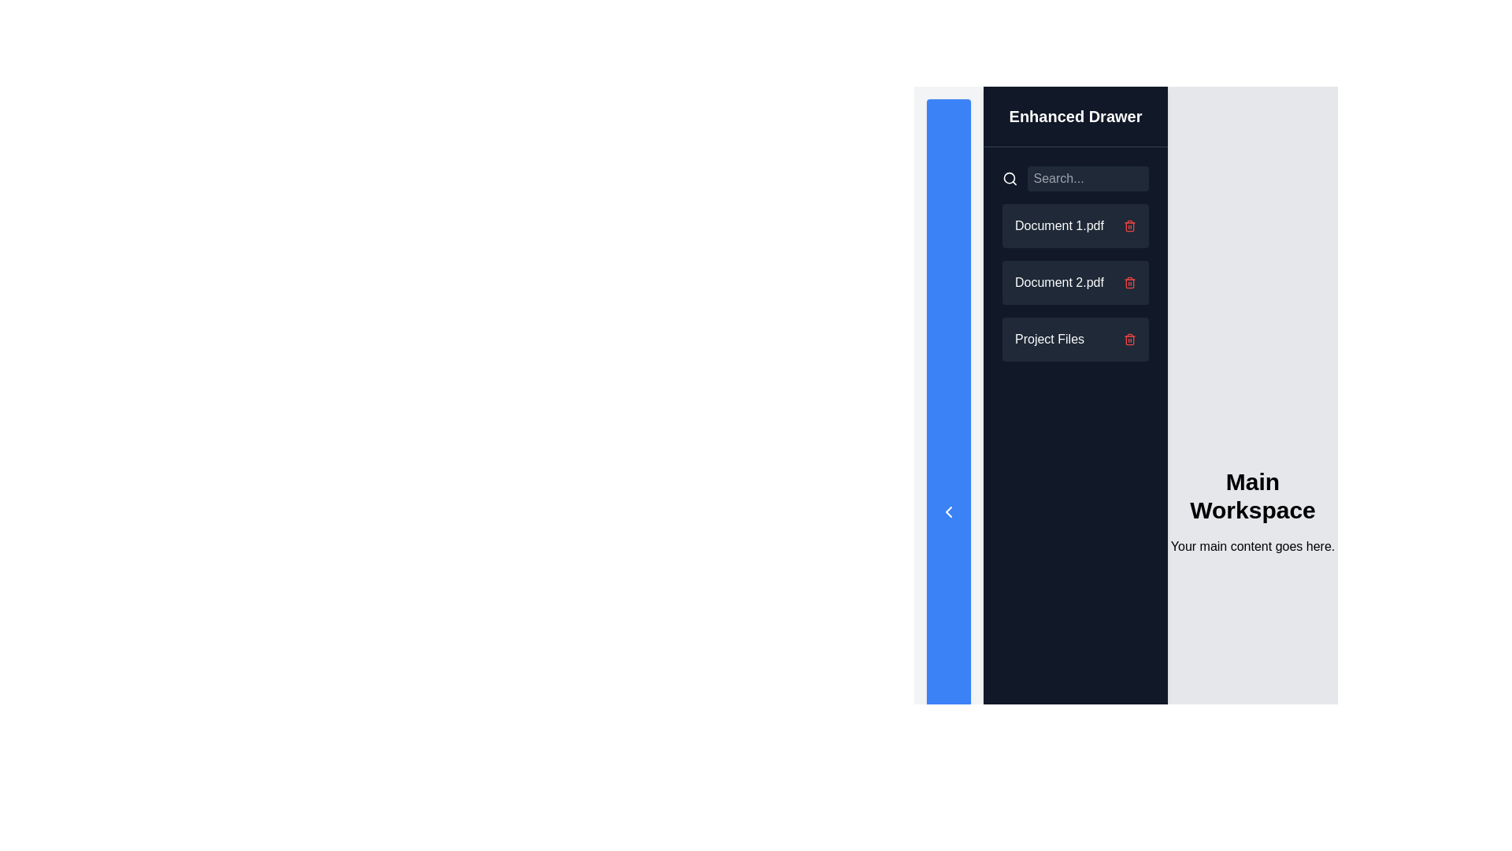 The width and height of the screenshot is (1512, 851). What do you see at coordinates (947, 512) in the screenshot?
I see `the icon button located at the center of the blue vertical strip to trigger tooltip or visual feedback` at bounding box center [947, 512].